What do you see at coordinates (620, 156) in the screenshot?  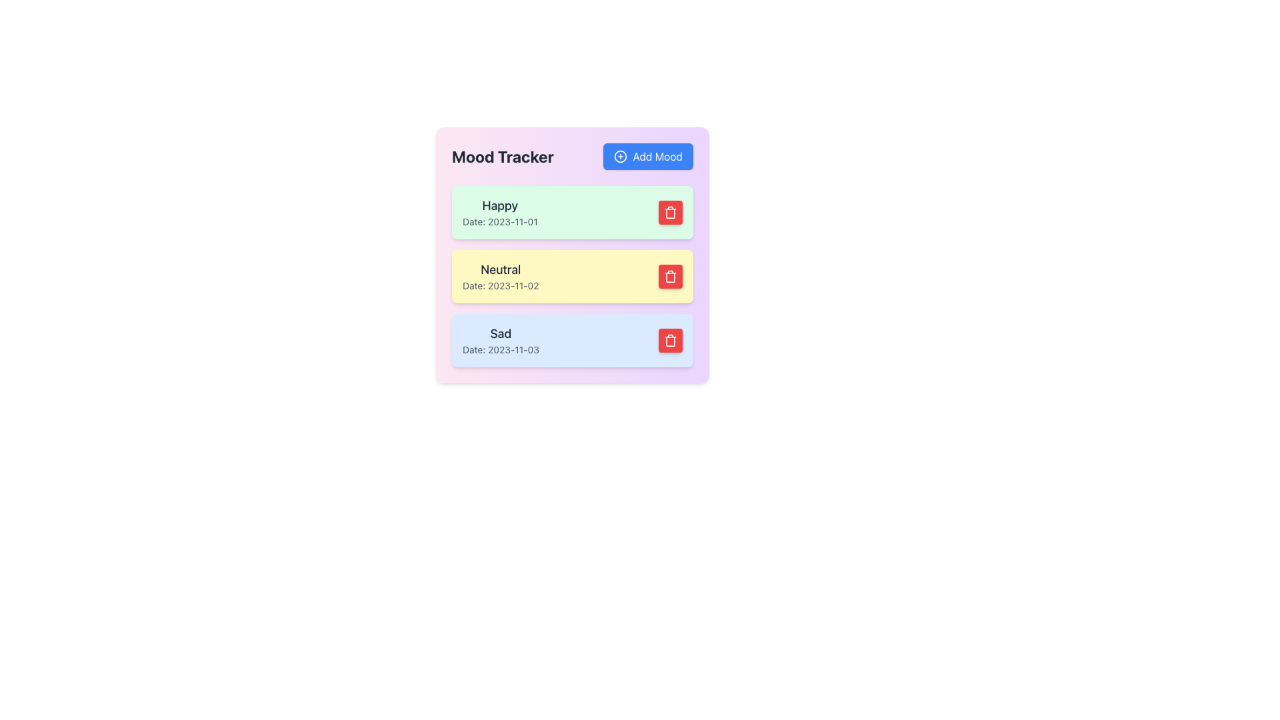 I see `the 'Add Mood' button icon, which is positioned to the left of the text label in the top-right corner of the 'Mood Tracker' section` at bounding box center [620, 156].